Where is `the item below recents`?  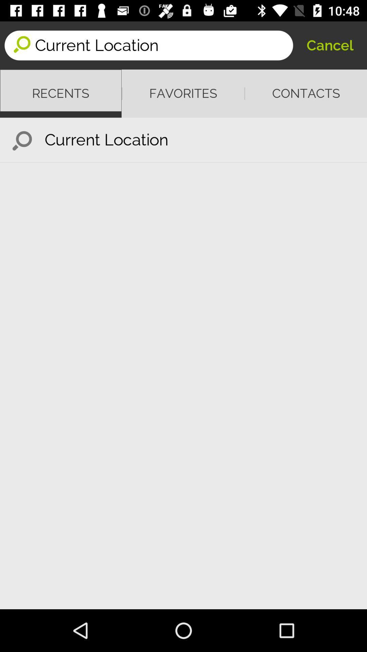 the item below recents is located at coordinates (22, 140).